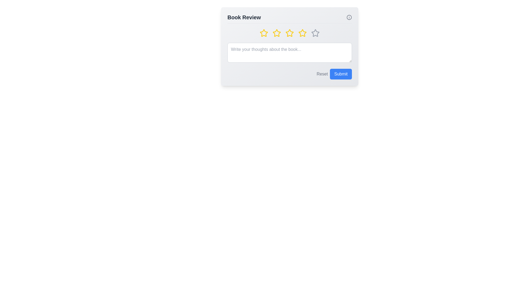  I want to click on the star corresponding to 4 to preview the rating, so click(303, 33).